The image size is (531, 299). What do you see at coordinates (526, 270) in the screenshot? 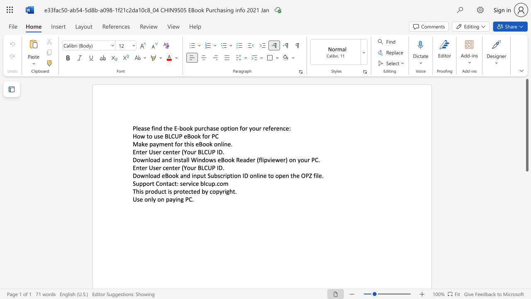
I see `the scrollbar to move the view down` at bounding box center [526, 270].